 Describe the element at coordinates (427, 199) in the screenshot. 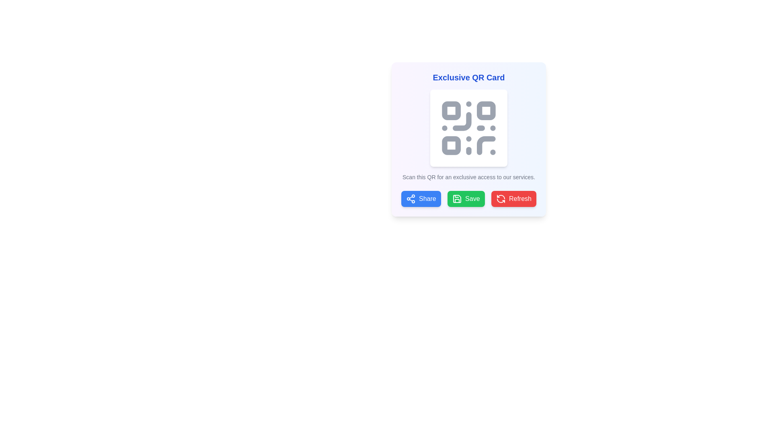

I see `the first button from the left in the bottom row under the QR card panel` at that location.